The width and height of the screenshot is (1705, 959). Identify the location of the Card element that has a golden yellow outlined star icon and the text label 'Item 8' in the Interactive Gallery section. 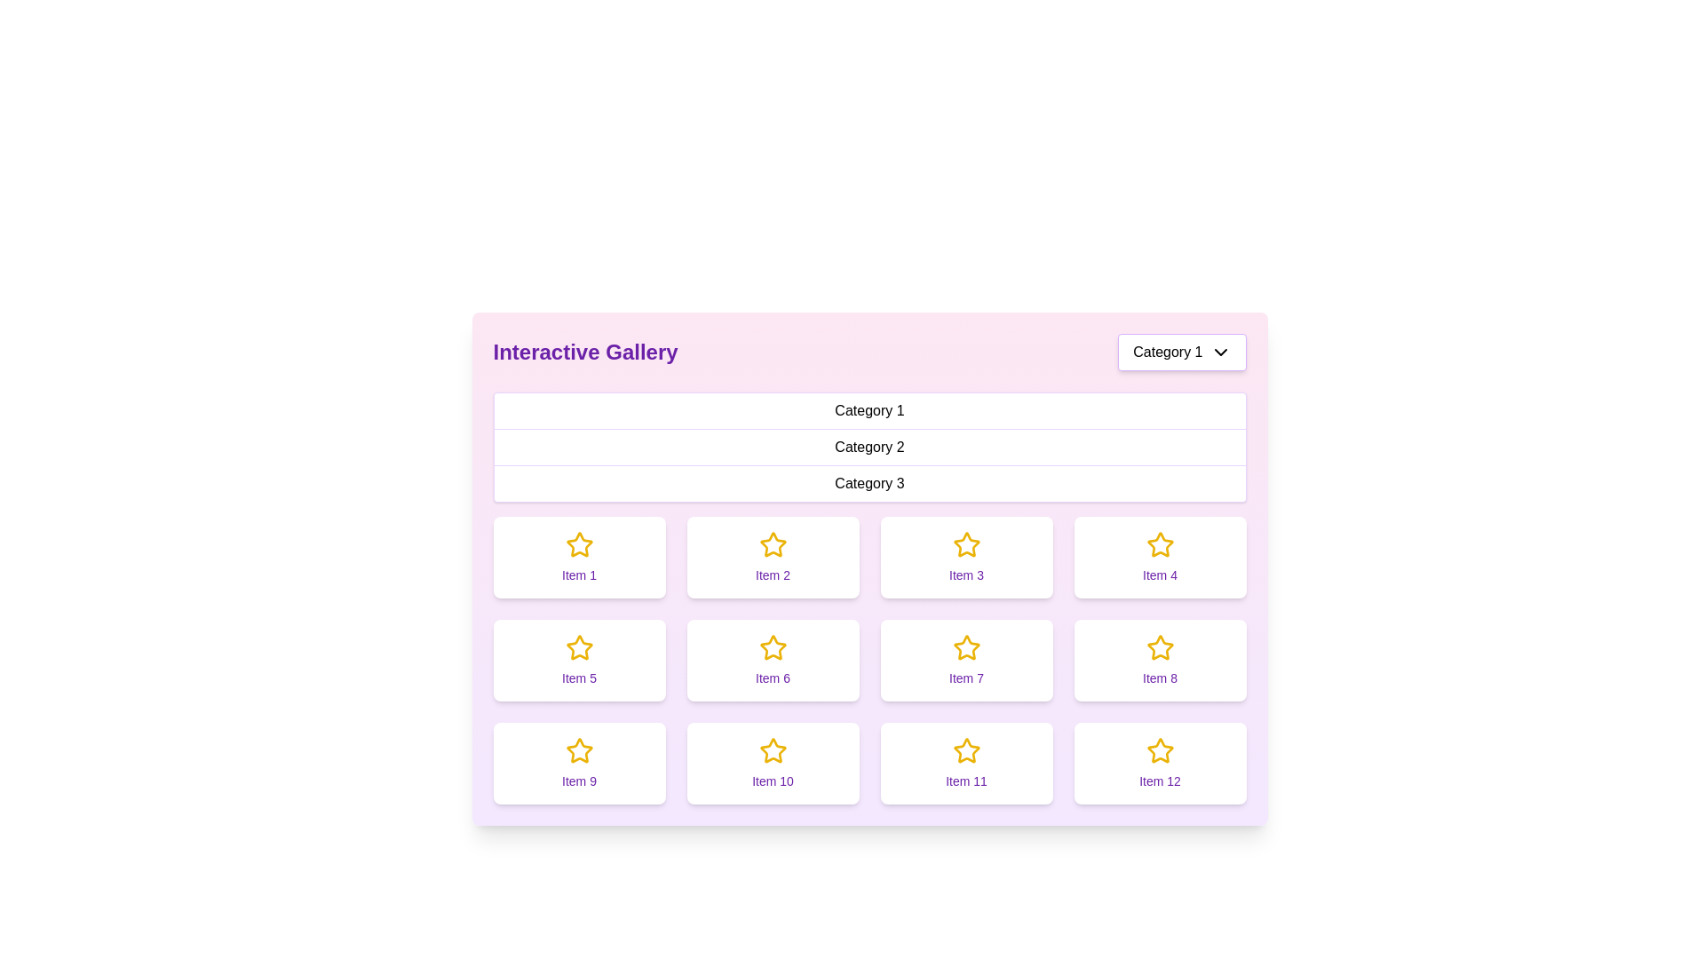
(1160, 661).